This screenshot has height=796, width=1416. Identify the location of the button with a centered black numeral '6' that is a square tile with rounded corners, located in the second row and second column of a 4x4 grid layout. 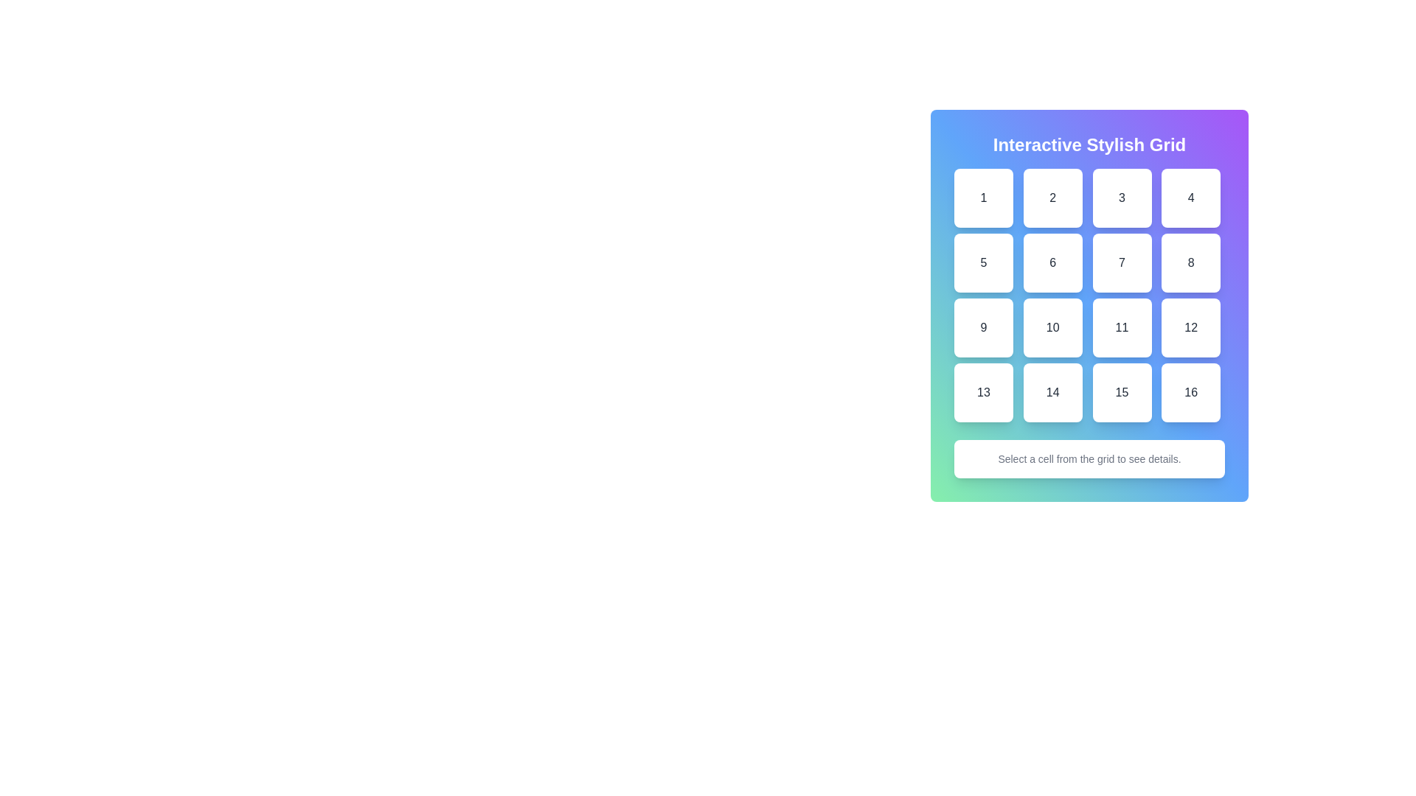
(1052, 262).